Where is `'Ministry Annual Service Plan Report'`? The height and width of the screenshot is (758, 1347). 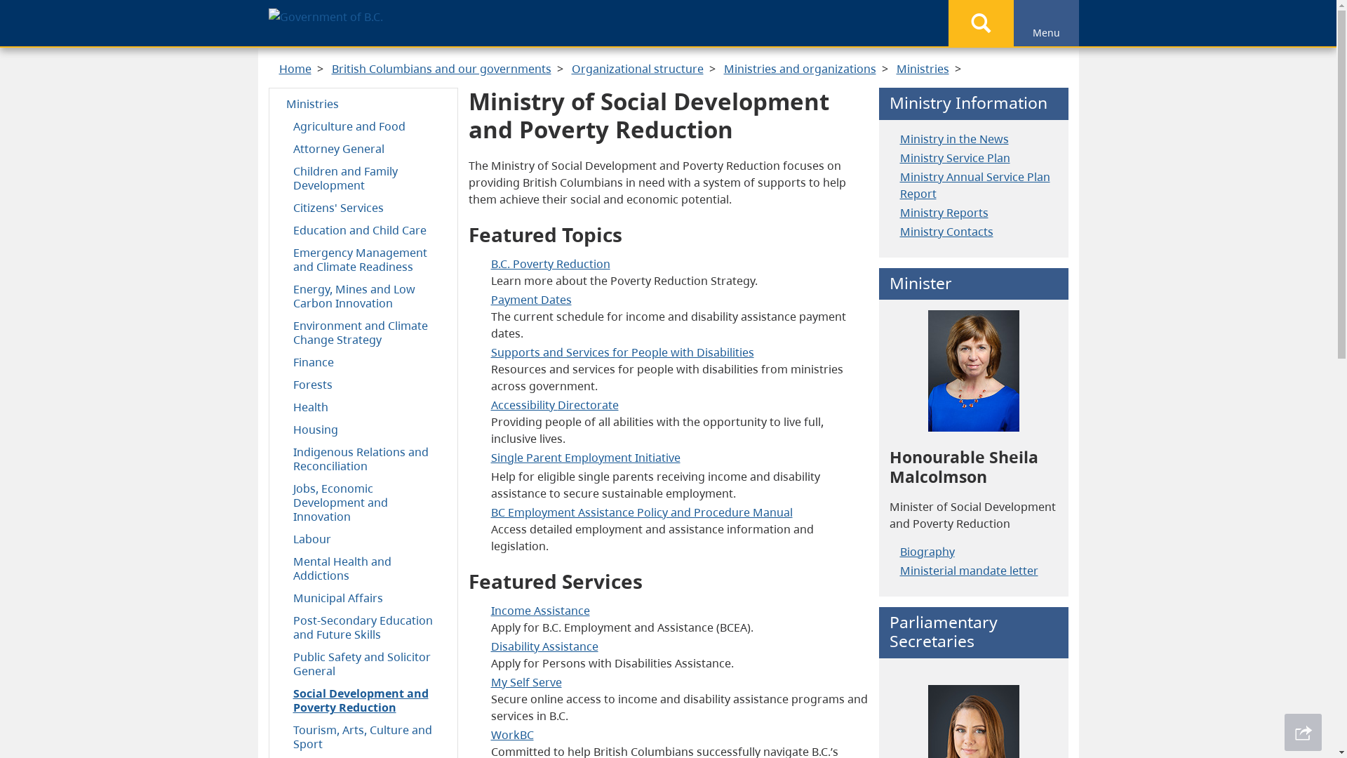 'Ministry Annual Service Plan Report' is located at coordinates (973, 184).